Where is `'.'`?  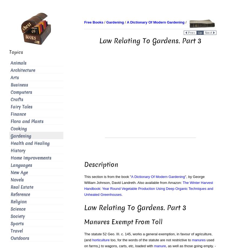 '.' is located at coordinates (121, 194).